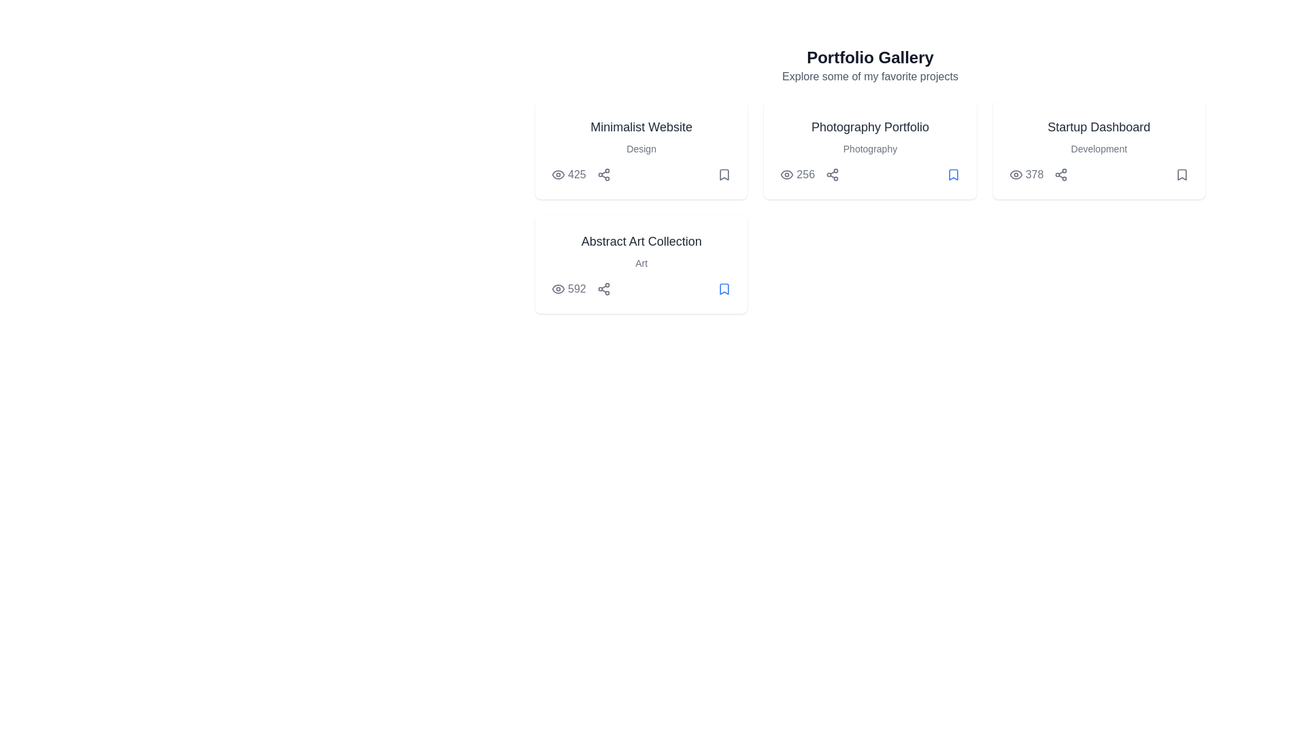 The image size is (1306, 735). What do you see at coordinates (641, 265) in the screenshot?
I see `the fourth project card located in the bottom-left section of the grid` at bounding box center [641, 265].